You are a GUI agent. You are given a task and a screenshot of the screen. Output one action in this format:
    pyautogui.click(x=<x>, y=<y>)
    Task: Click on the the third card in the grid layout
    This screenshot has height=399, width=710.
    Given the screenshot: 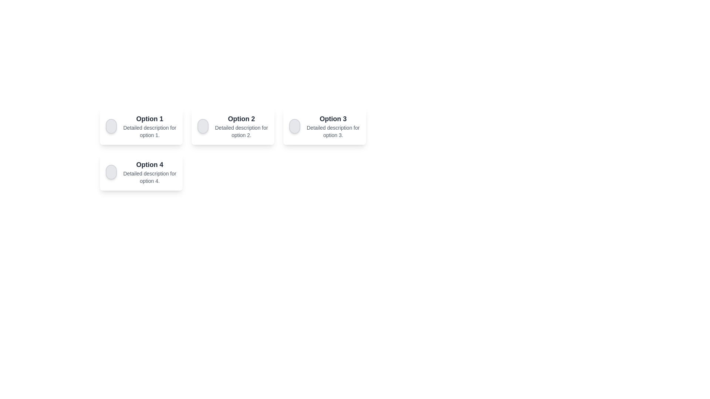 What is the action you would take?
    pyautogui.click(x=325, y=126)
    